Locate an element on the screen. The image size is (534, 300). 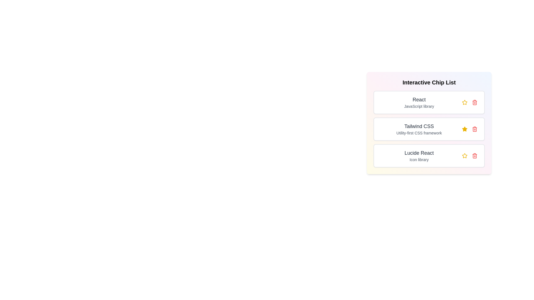
trash icon for the item with title Lucide React to remove it from the list is located at coordinates (474, 156).